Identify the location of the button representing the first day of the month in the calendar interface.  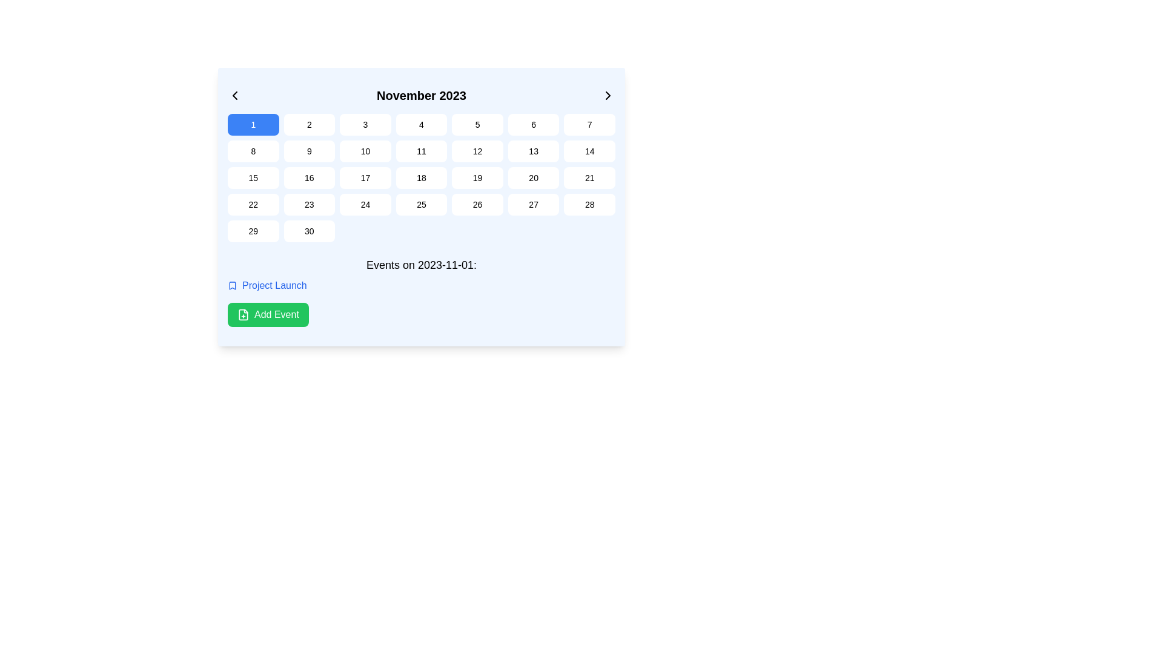
(252, 124).